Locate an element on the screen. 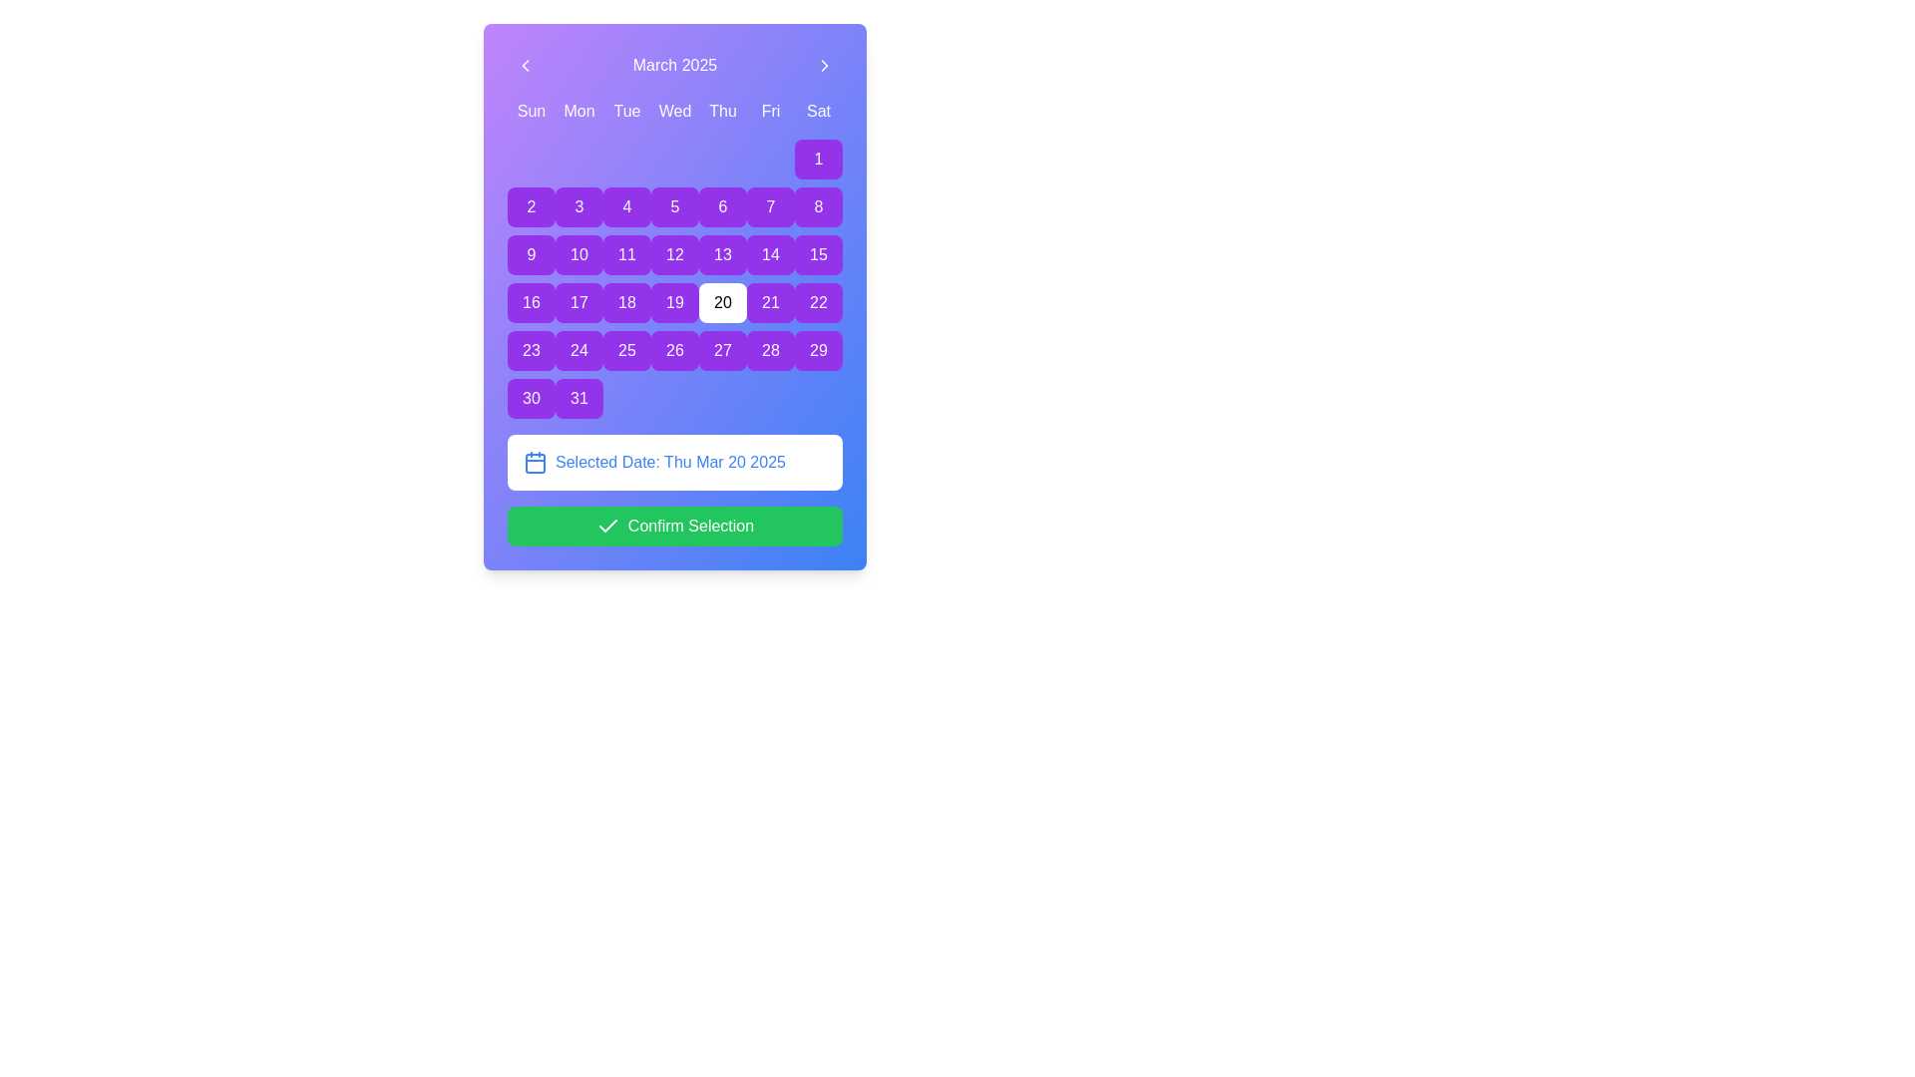 This screenshot has width=1915, height=1077. the button representing the date '6' in the calendar interface is located at coordinates (721, 207).